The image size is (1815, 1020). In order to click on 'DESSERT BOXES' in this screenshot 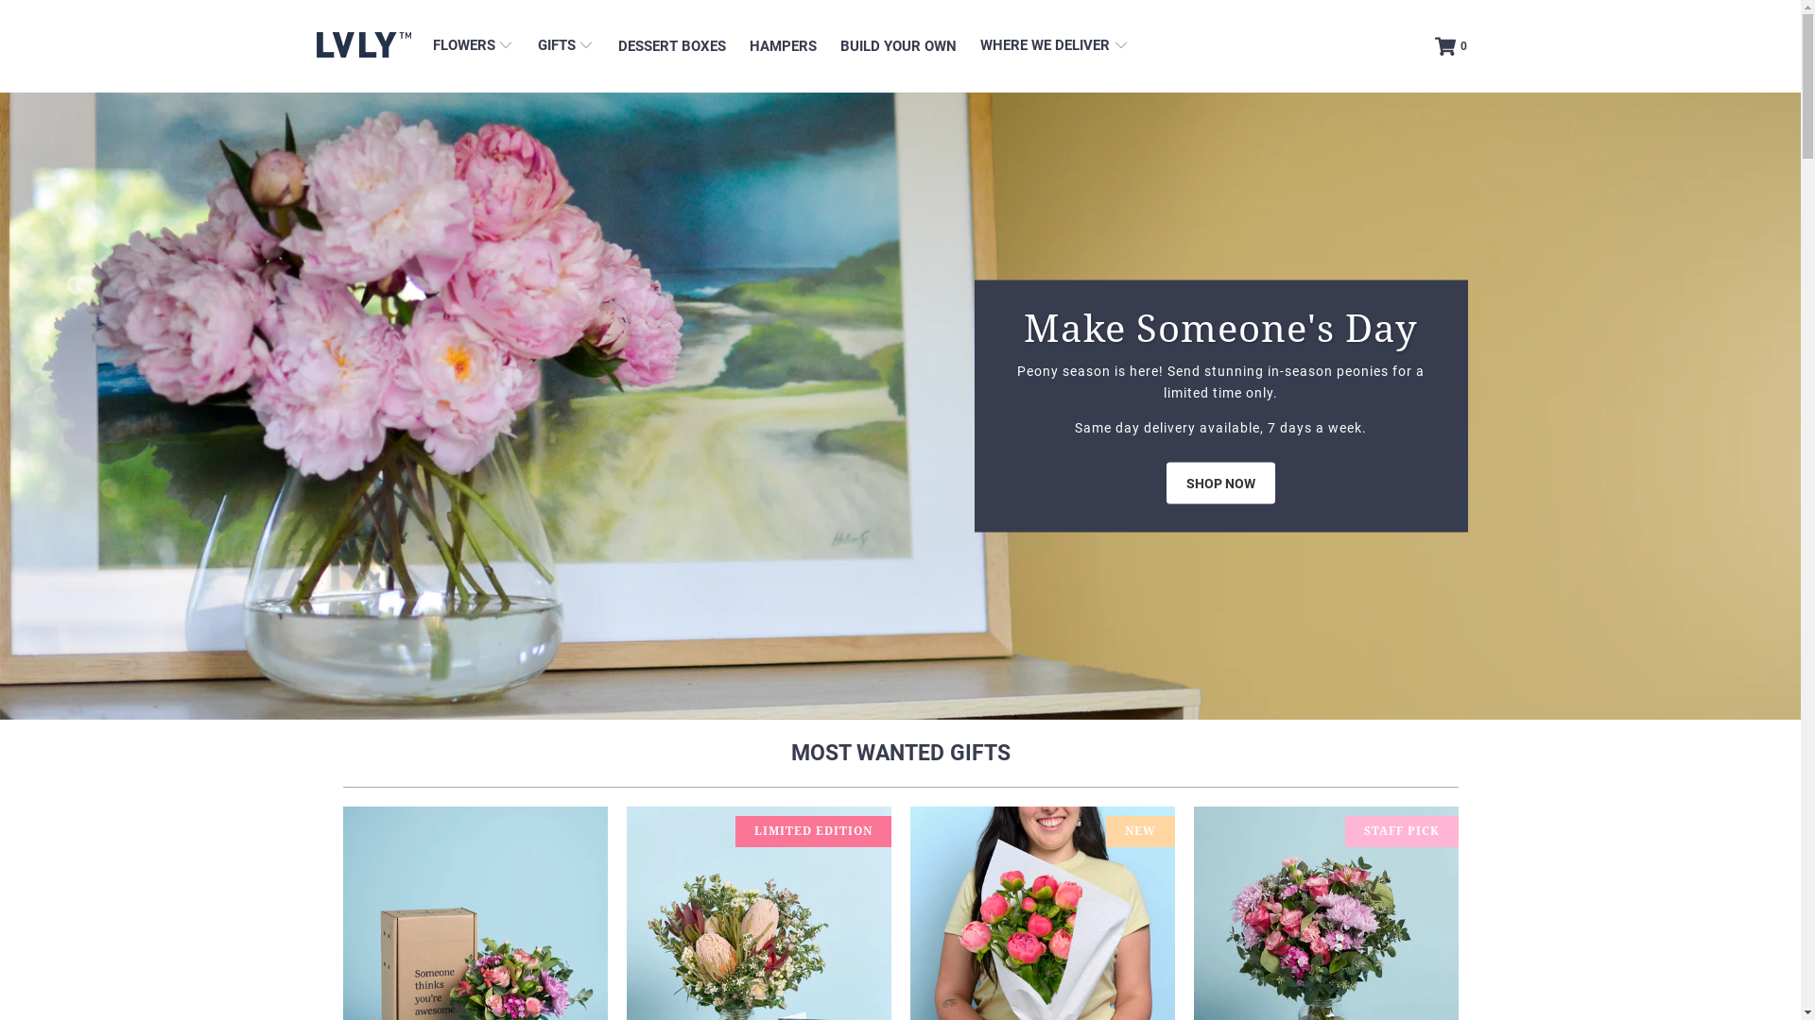, I will do `click(671, 45)`.